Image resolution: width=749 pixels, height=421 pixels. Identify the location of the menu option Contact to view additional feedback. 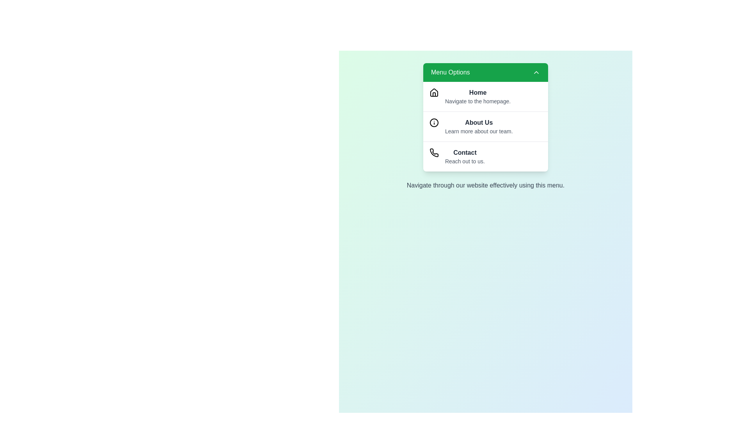
(485, 156).